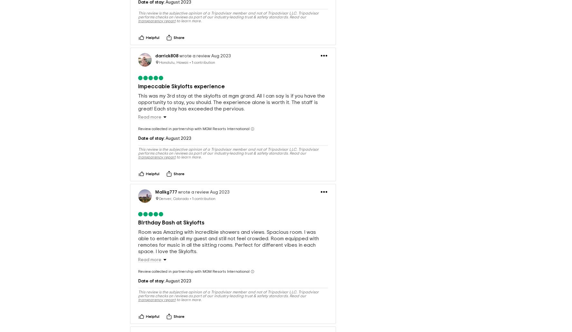 The image size is (572, 332). What do you see at coordinates (167, 45) in the screenshot?
I see `'darrick808'` at bounding box center [167, 45].